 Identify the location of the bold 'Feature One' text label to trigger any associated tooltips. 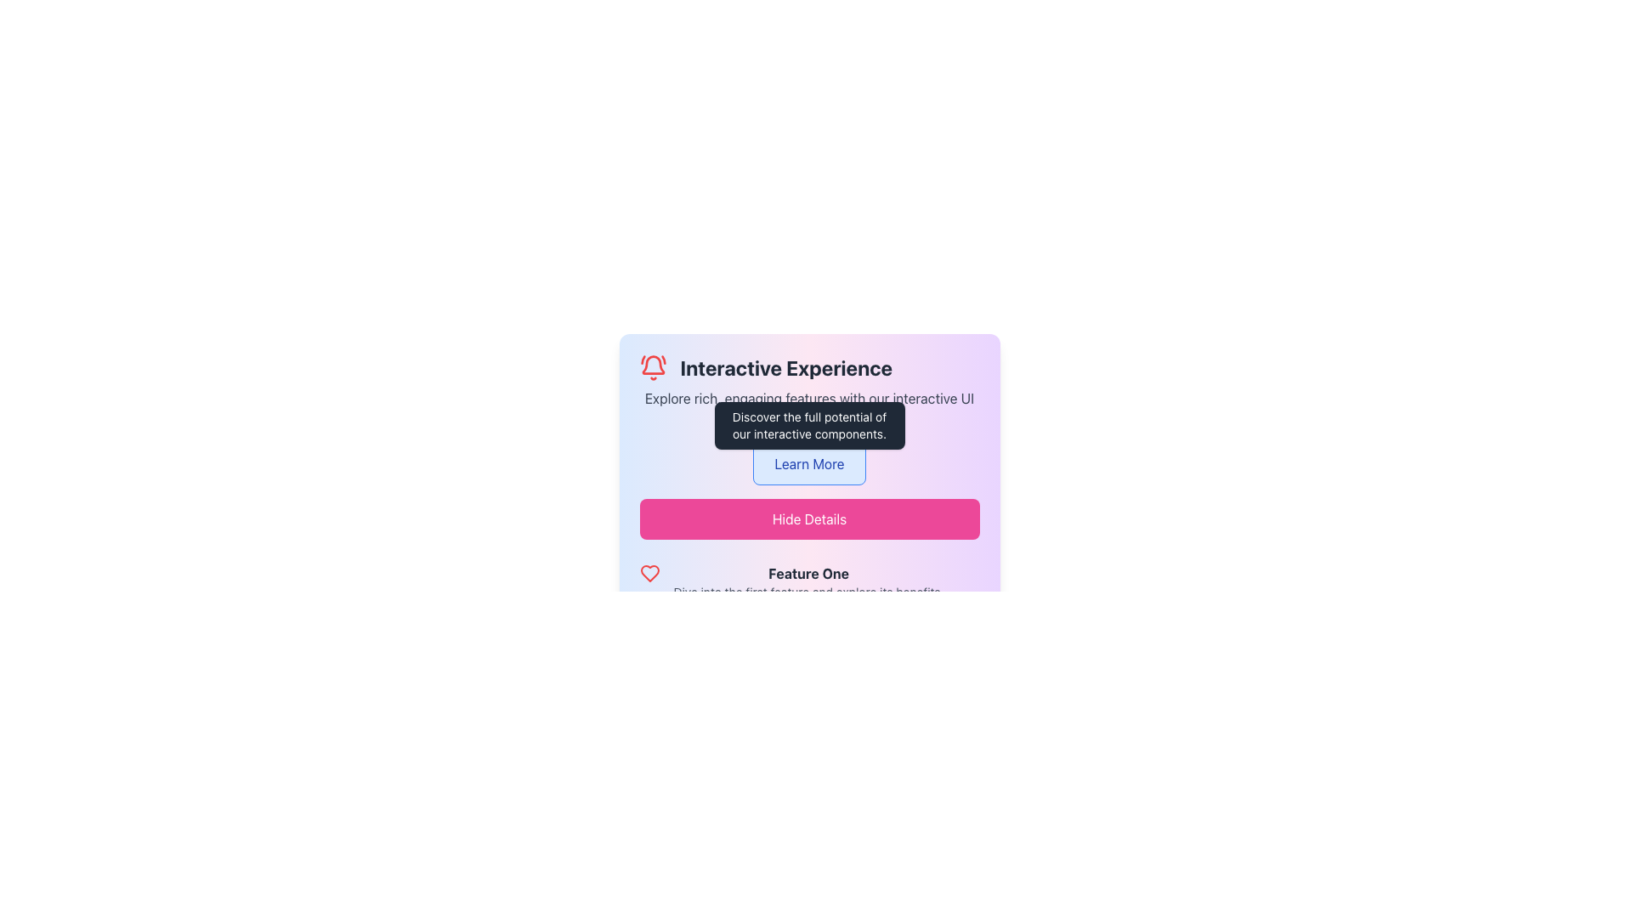
(807, 574).